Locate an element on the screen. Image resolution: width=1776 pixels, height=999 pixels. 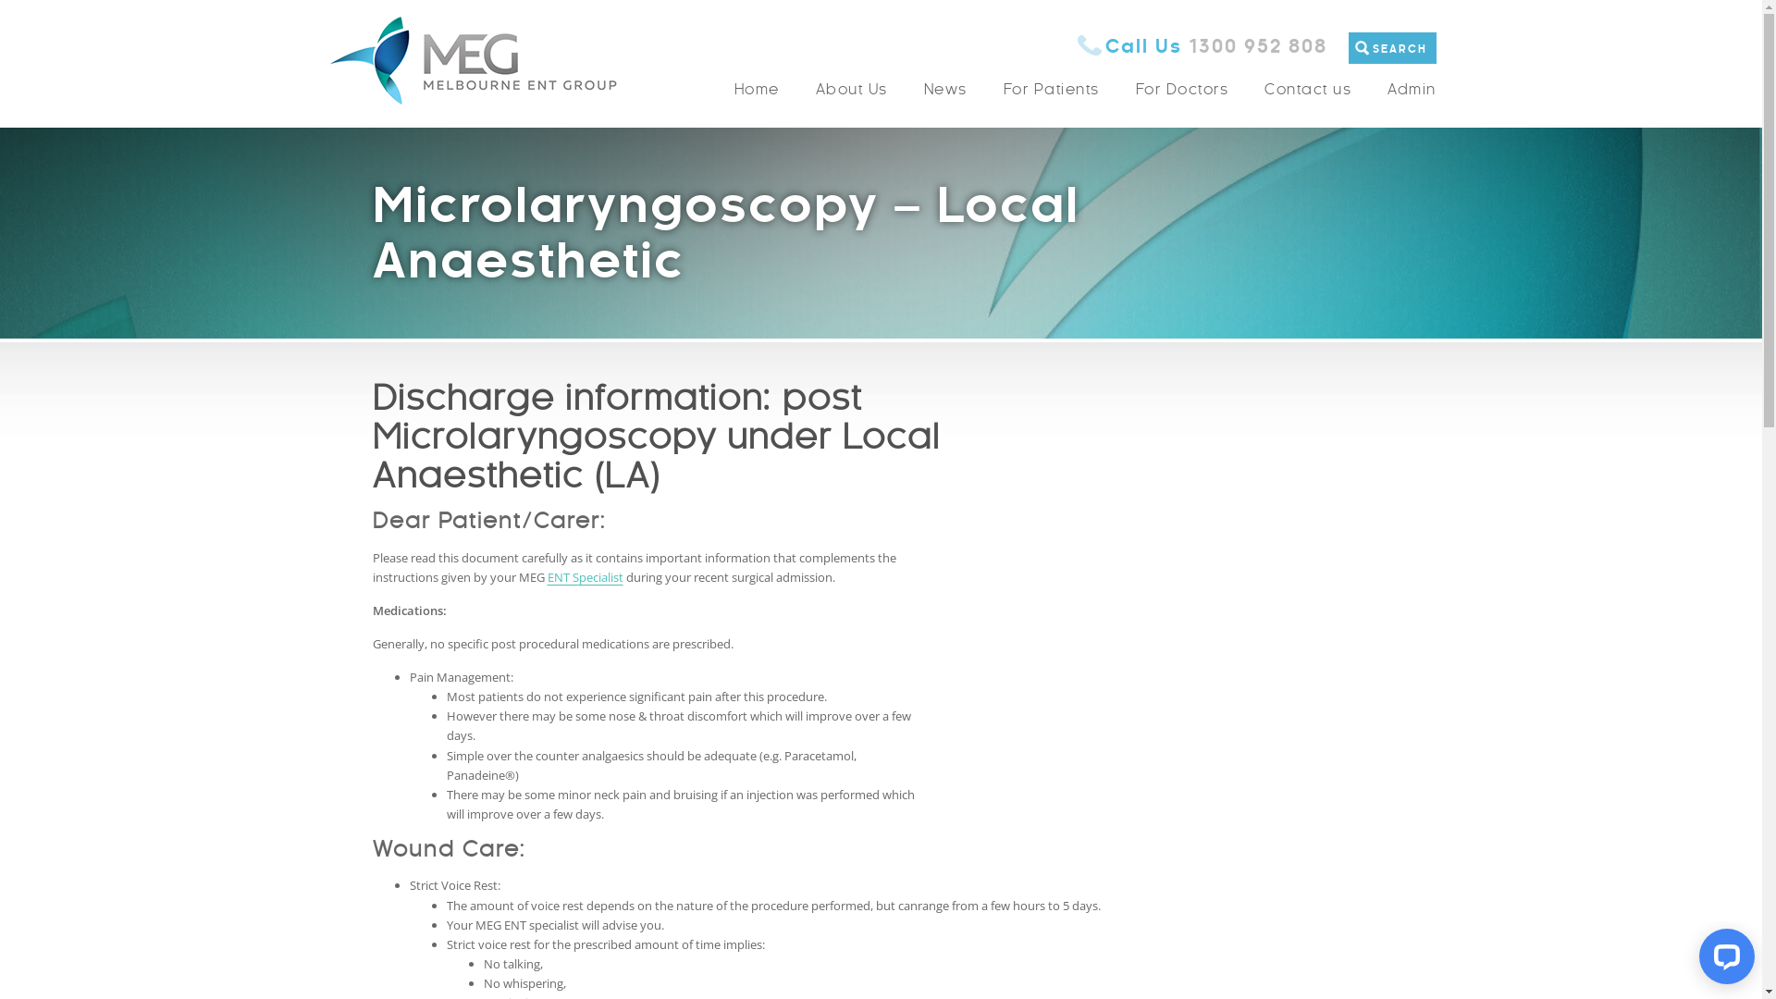
'Contact us' is located at coordinates (1307, 90).